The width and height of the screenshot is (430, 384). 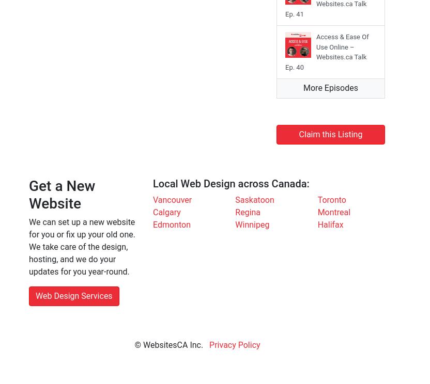 What do you see at coordinates (330, 87) in the screenshot?
I see `'More Episodes'` at bounding box center [330, 87].